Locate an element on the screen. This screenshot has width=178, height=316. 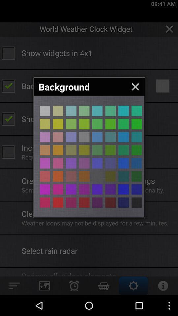
different color page is located at coordinates (97, 163).